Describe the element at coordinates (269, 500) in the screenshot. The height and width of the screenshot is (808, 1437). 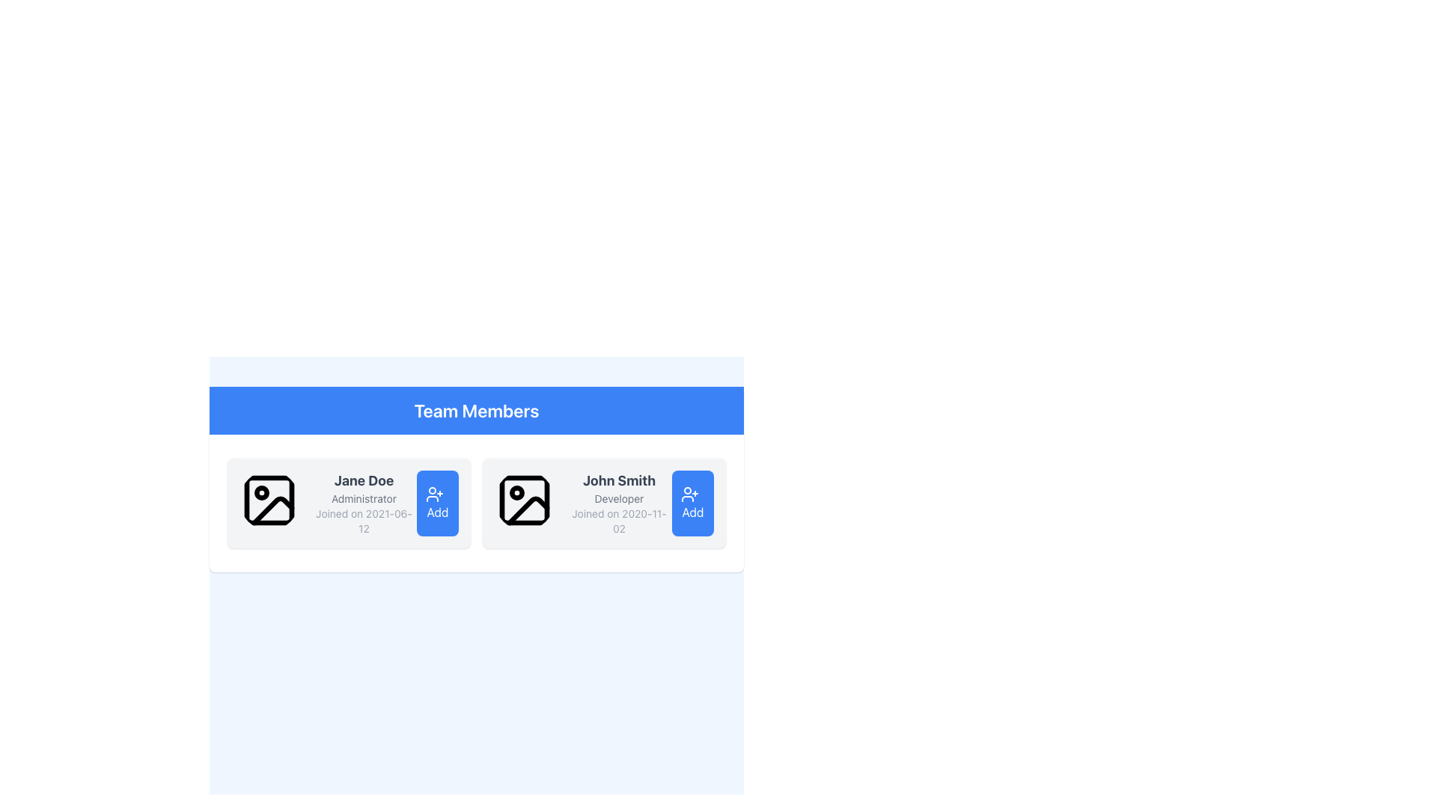
I see `the Image Icon element located in the upper-left corner of Jane Doe's profile card, which is styled with a black border and represents an image` at that location.